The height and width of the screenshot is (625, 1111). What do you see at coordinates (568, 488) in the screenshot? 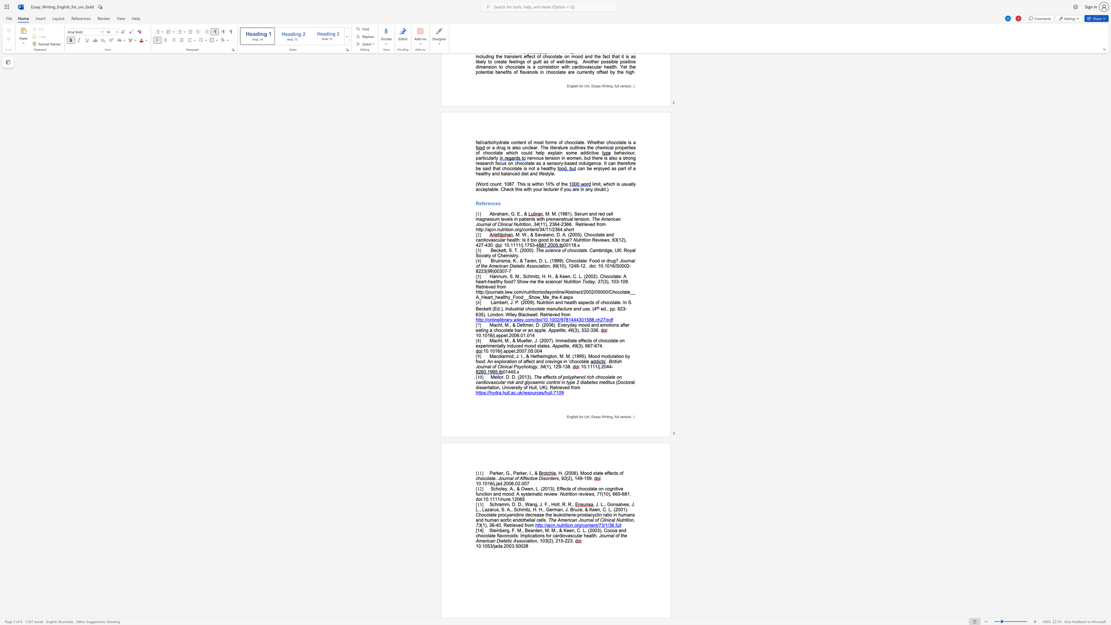
I see `the subset text "s of chocolate on cognitive fu" within the text "Scholey, A., & Owen, L. (2013). Effects of chocolate on cognitive function and mood: A systematic review."` at bounding box center [568, 488].